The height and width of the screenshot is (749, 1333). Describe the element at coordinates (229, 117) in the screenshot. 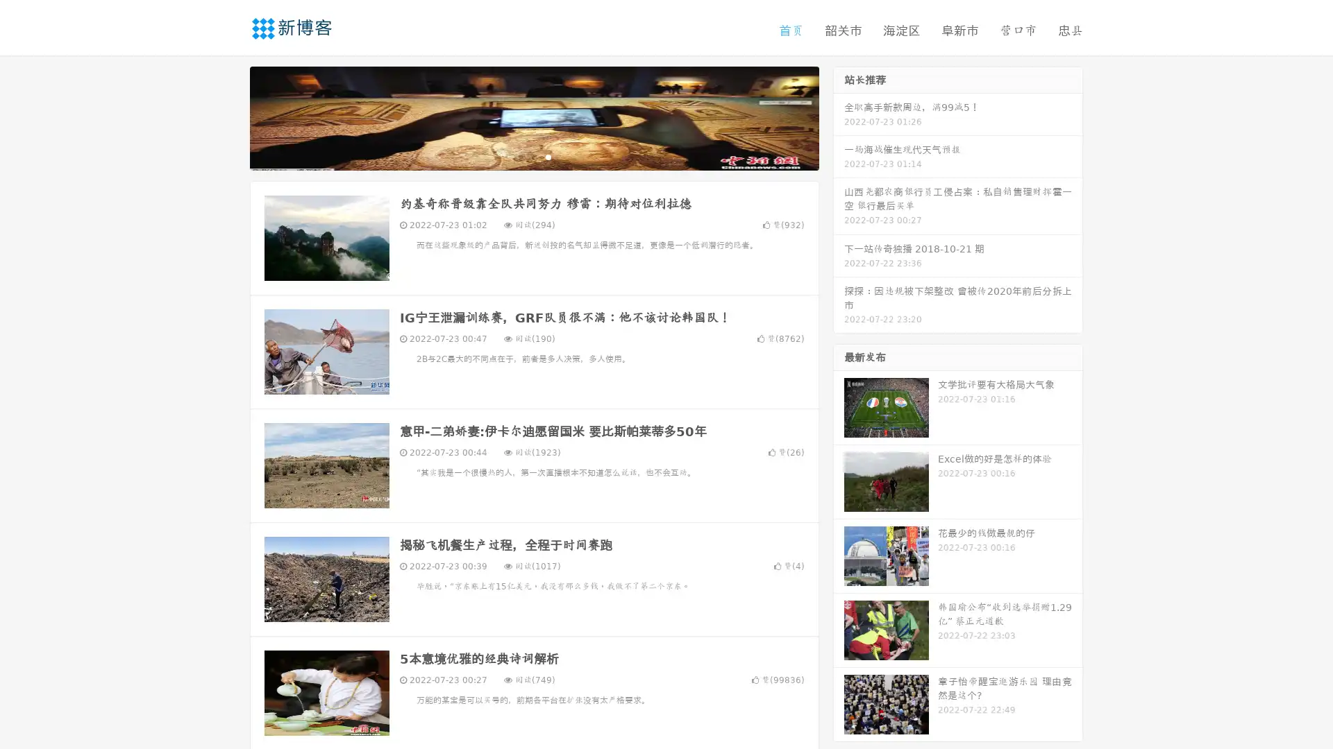

I see `Previous slide` at that location.